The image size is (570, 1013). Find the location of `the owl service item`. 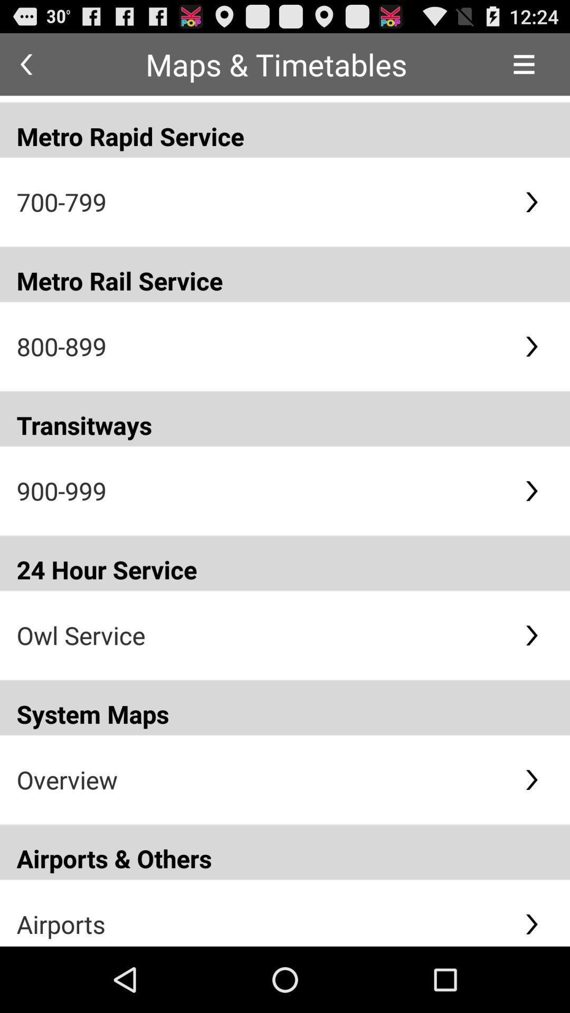

the owl service item is located at coordinates (261, 635).